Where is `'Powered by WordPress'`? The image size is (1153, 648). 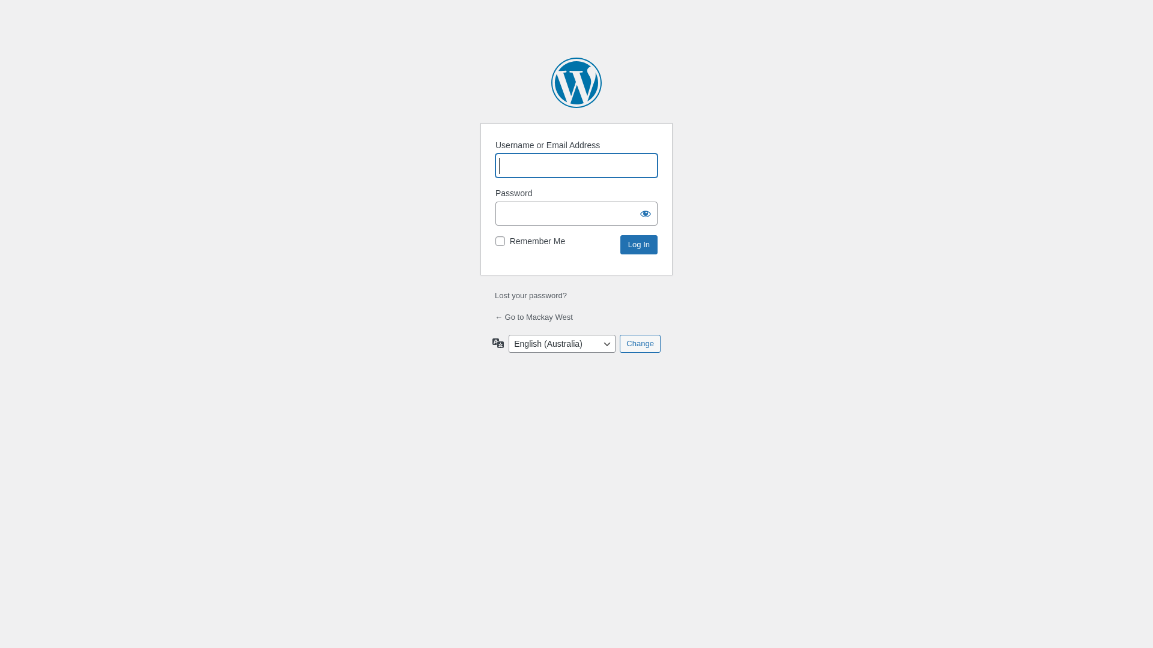
'Powered by WordPress' is located at coordinates (550, 82).